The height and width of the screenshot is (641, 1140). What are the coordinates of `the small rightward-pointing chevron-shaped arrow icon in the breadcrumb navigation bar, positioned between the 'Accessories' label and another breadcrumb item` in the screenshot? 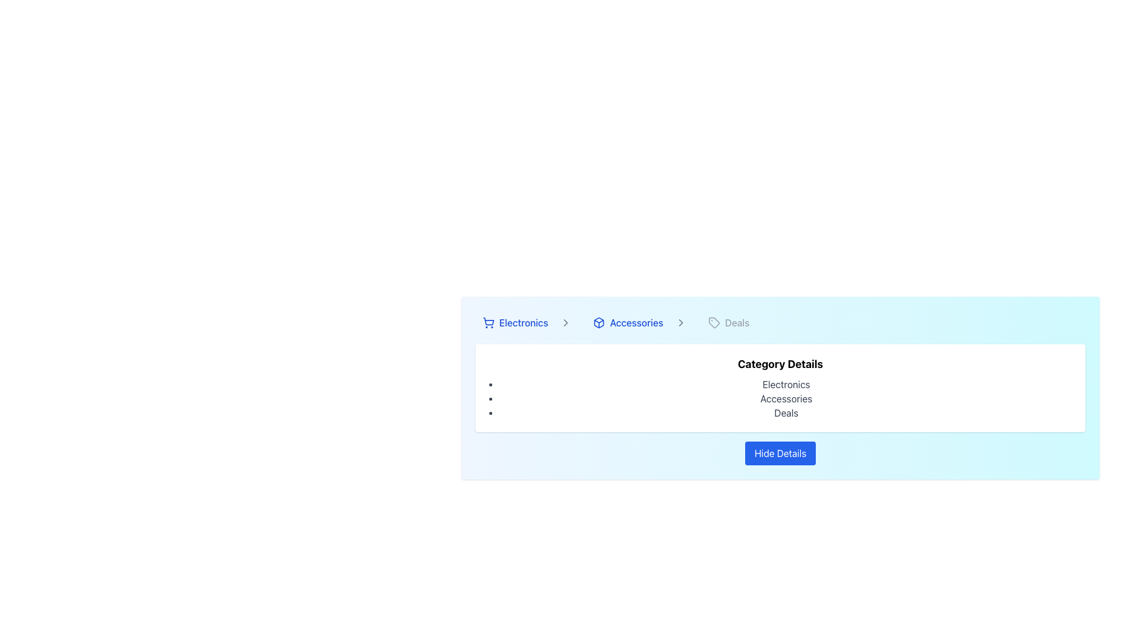 It's located at (565, 322).